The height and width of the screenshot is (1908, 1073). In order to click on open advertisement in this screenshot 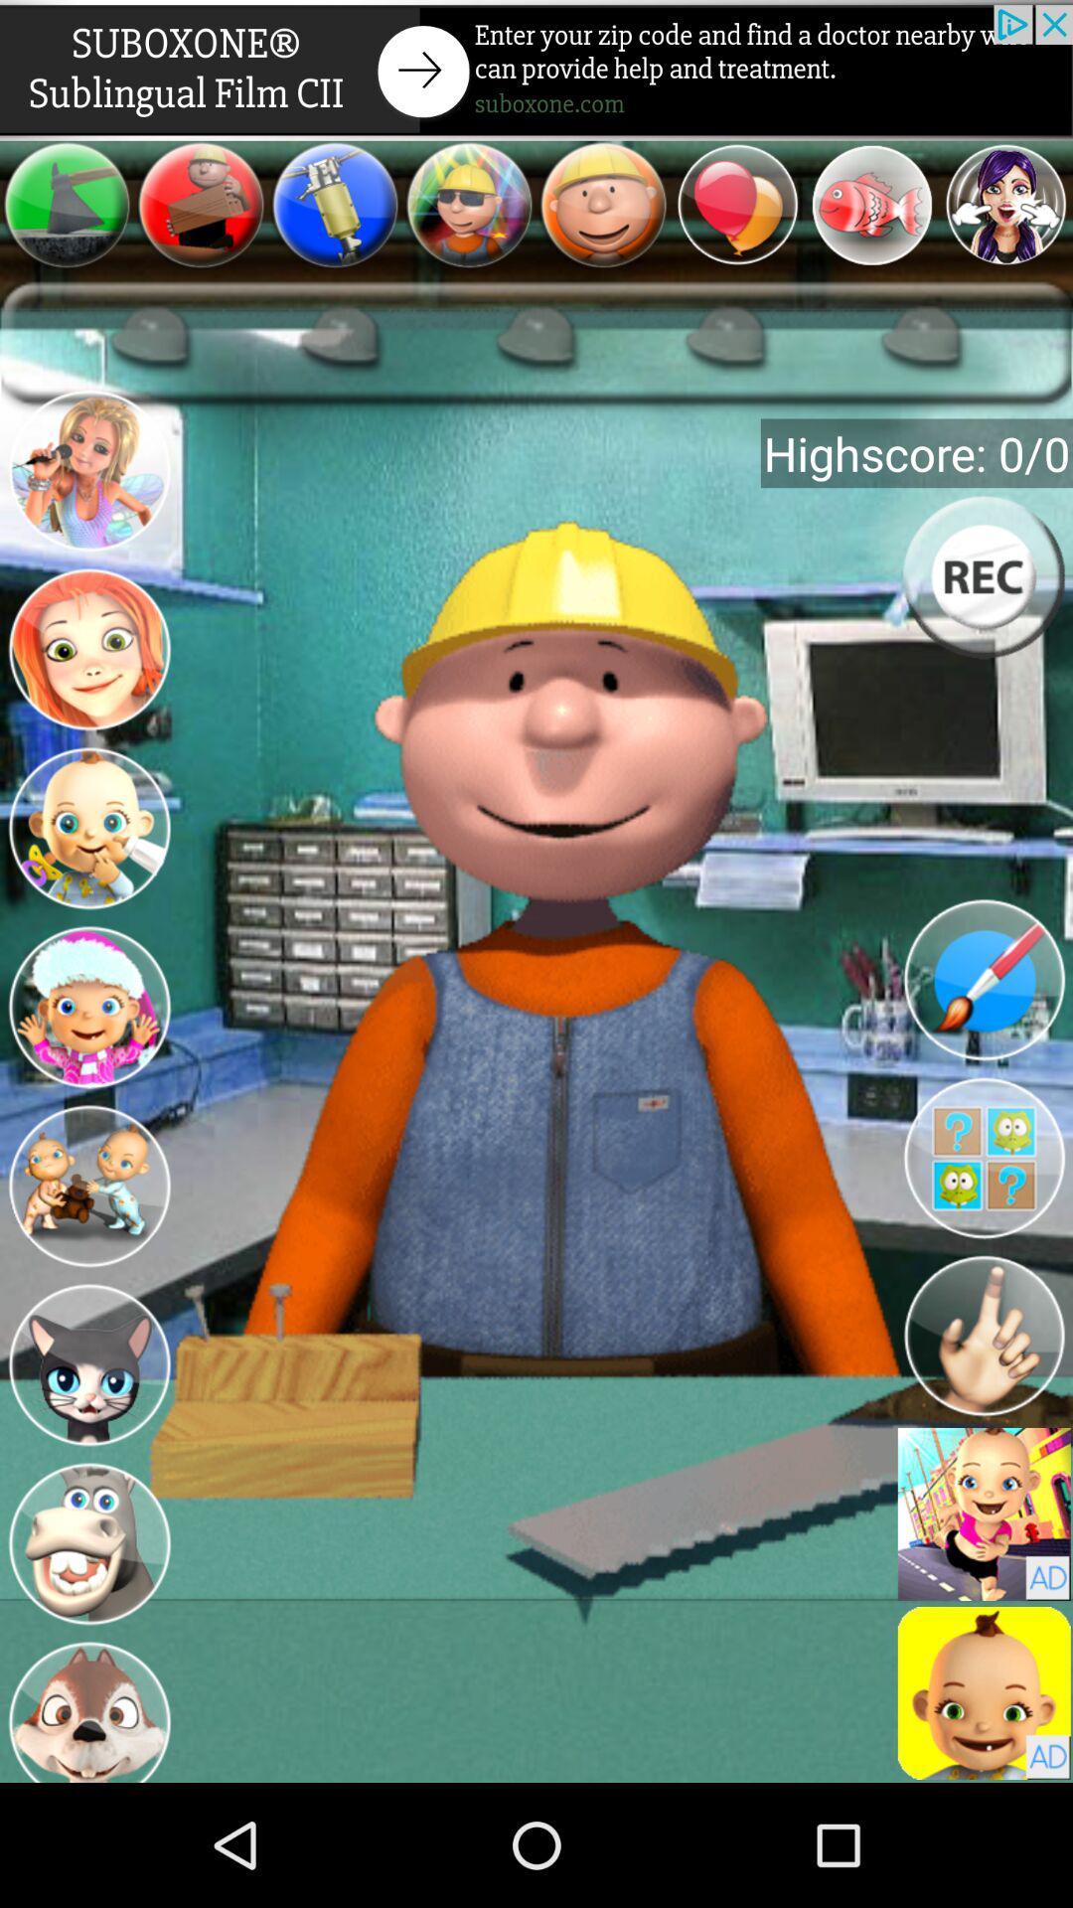, I will do `click(536, 70)`.